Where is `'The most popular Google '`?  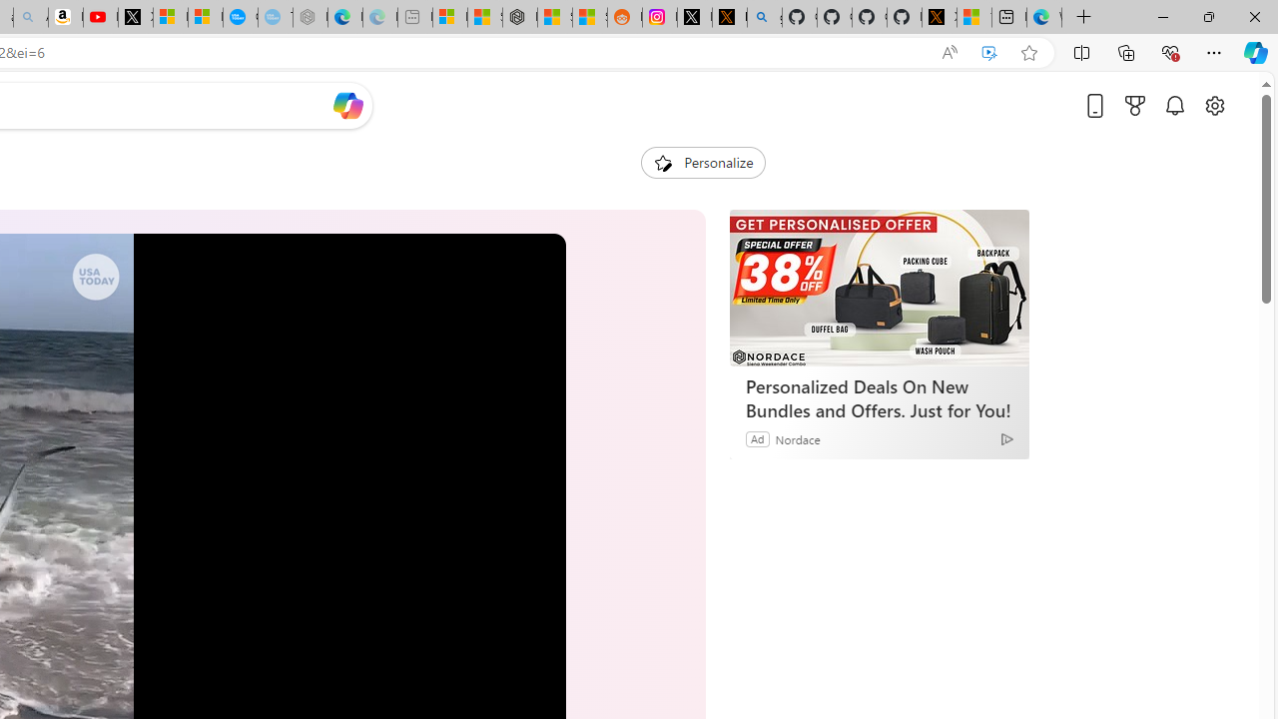
'The most popular Google ' is located at coordinates (274, 17).